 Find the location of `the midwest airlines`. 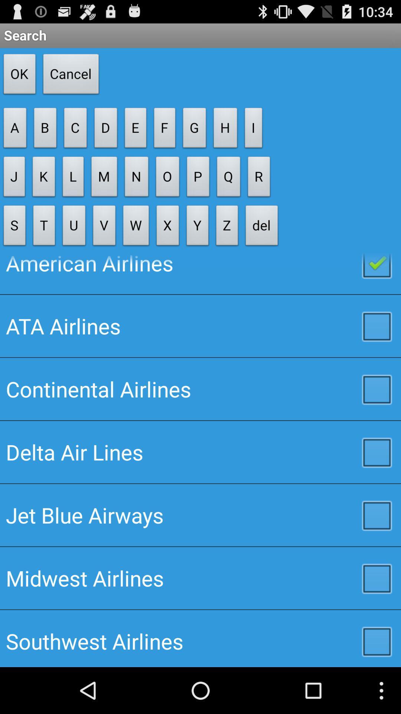

the midwest airlines is located at coordinates (200, 578).